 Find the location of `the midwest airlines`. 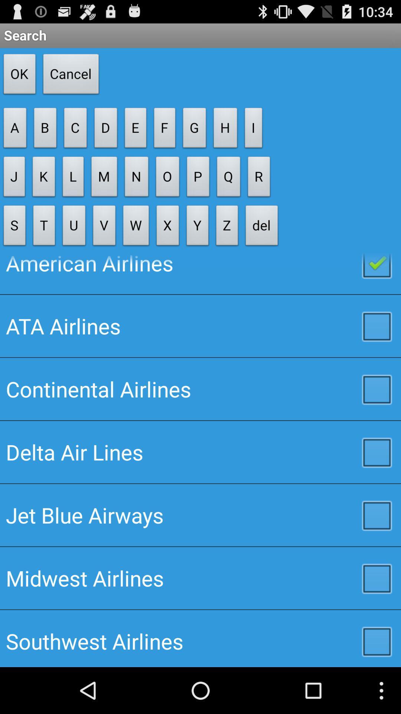

the midwest airlines is located at coordinates (200, 578).